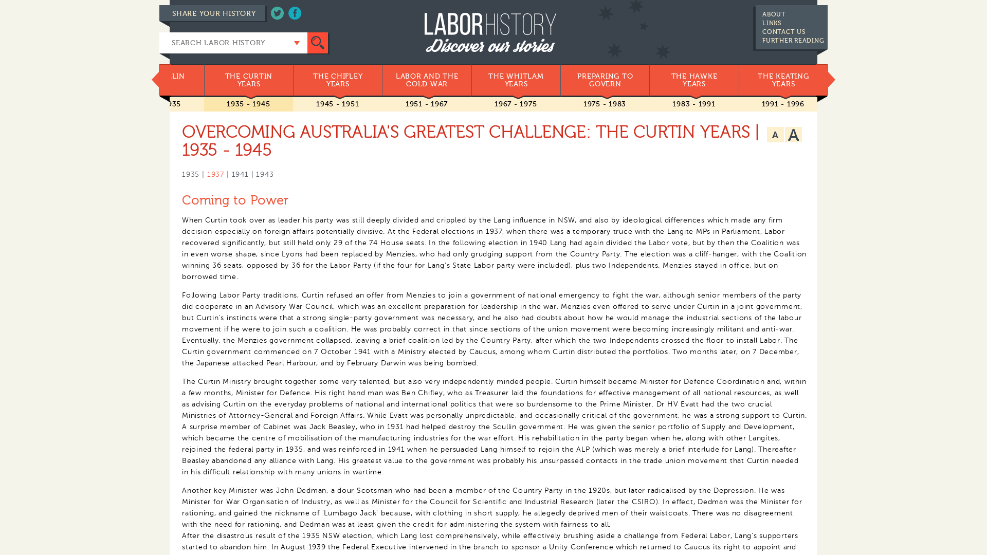 The width and height of the screenshot is (987, 555). What do you see at coordinates (337, 104) in the screenshot?
I see `'1945 - 1951'` at bounding box center [337, 104].